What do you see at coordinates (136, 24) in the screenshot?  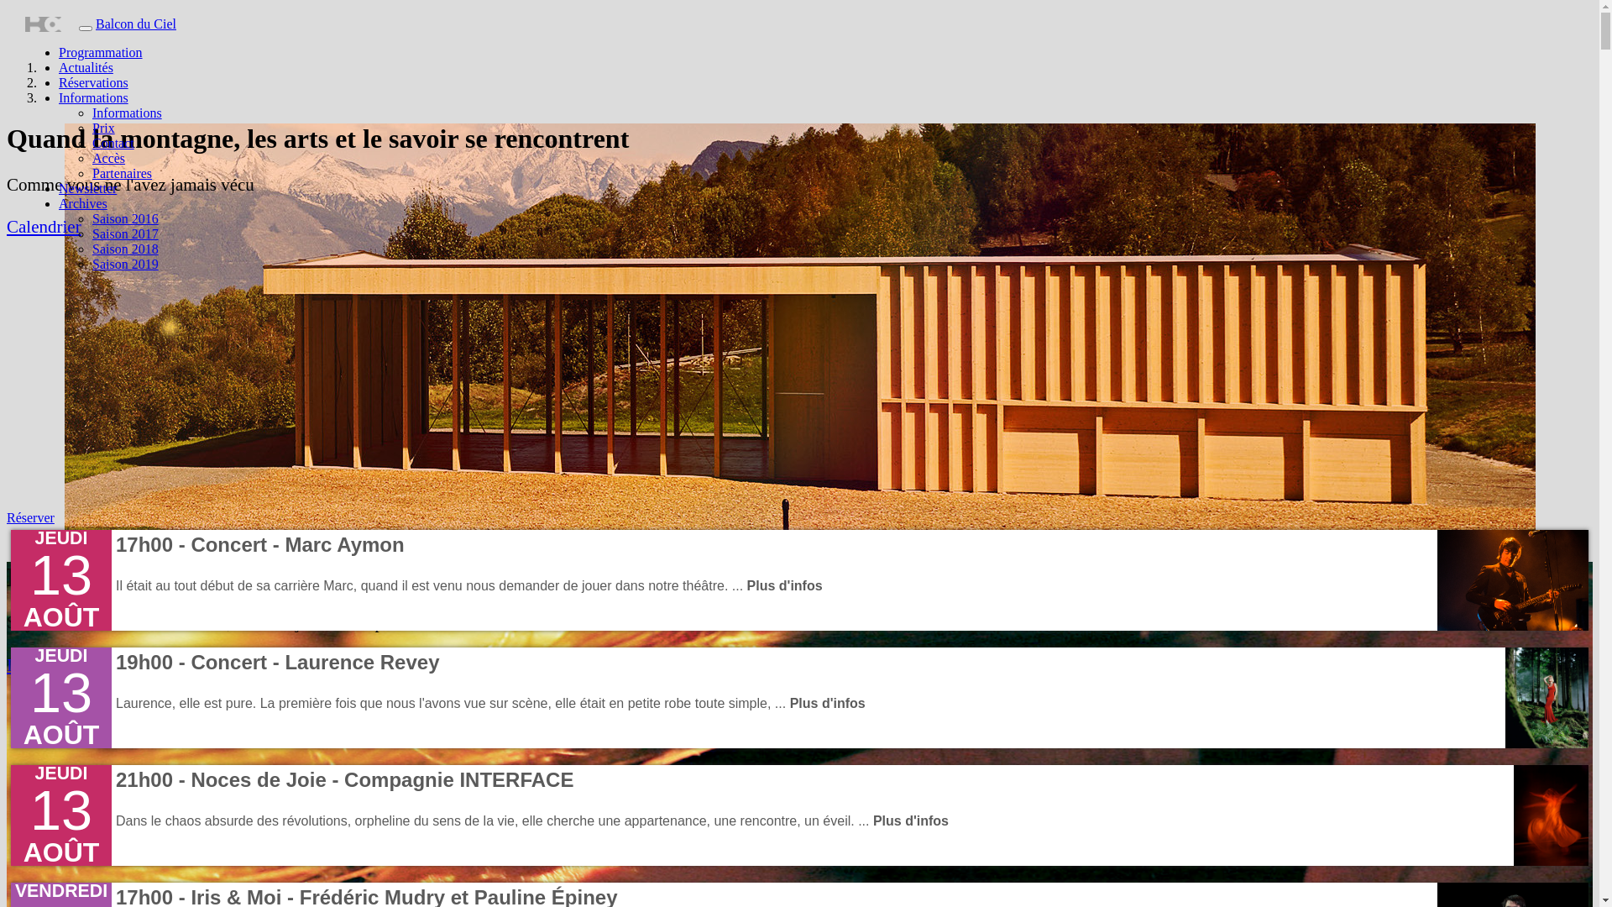 I see `'Balcon du Ciel'` at bounding box center [136, 24].